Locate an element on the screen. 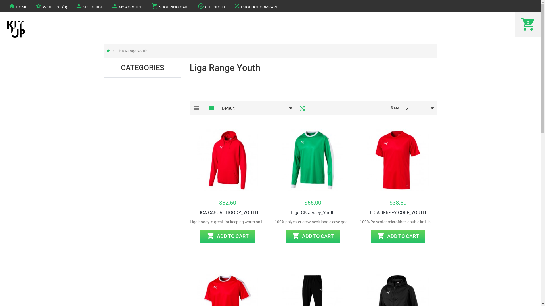 This screenshot has height=306, width=545. 'Liga GK Jersey_Youth' is located at coordinates (291, 213).